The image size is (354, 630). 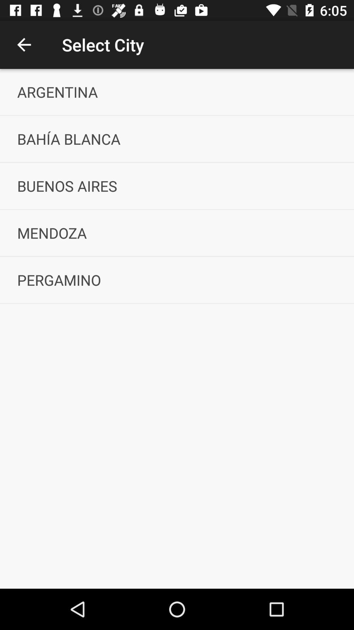 I want to click on the icon below mendoza icon, so click(x=177, y=280).